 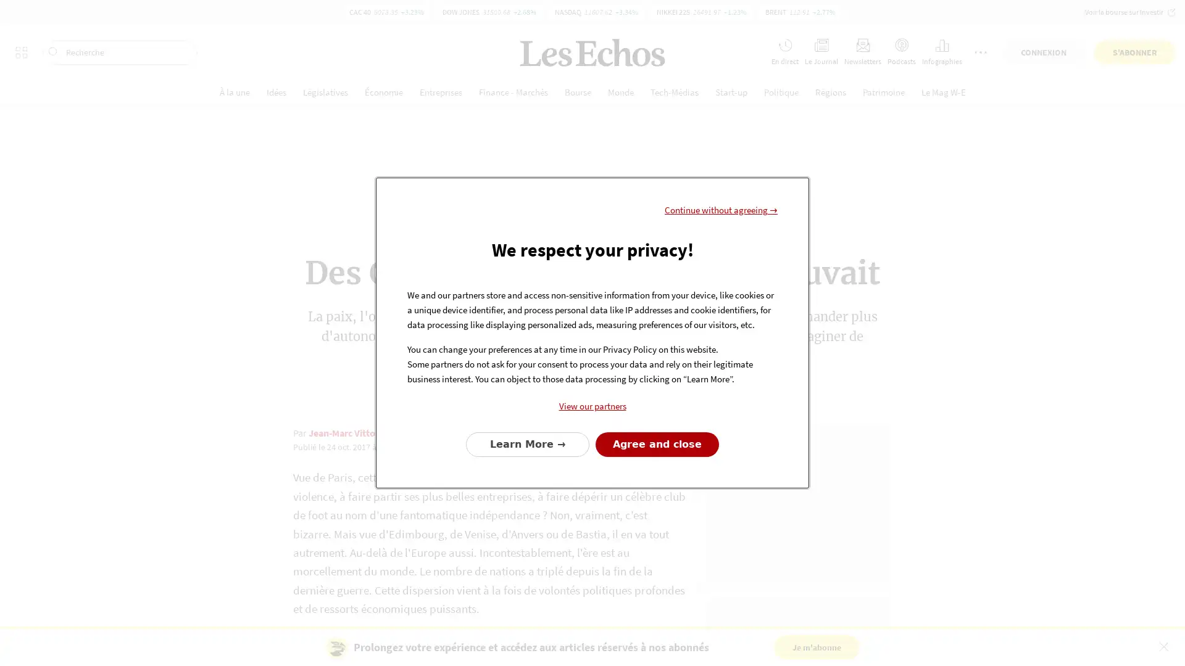 I want to click on Plus de services, so click(x=979, y=17).